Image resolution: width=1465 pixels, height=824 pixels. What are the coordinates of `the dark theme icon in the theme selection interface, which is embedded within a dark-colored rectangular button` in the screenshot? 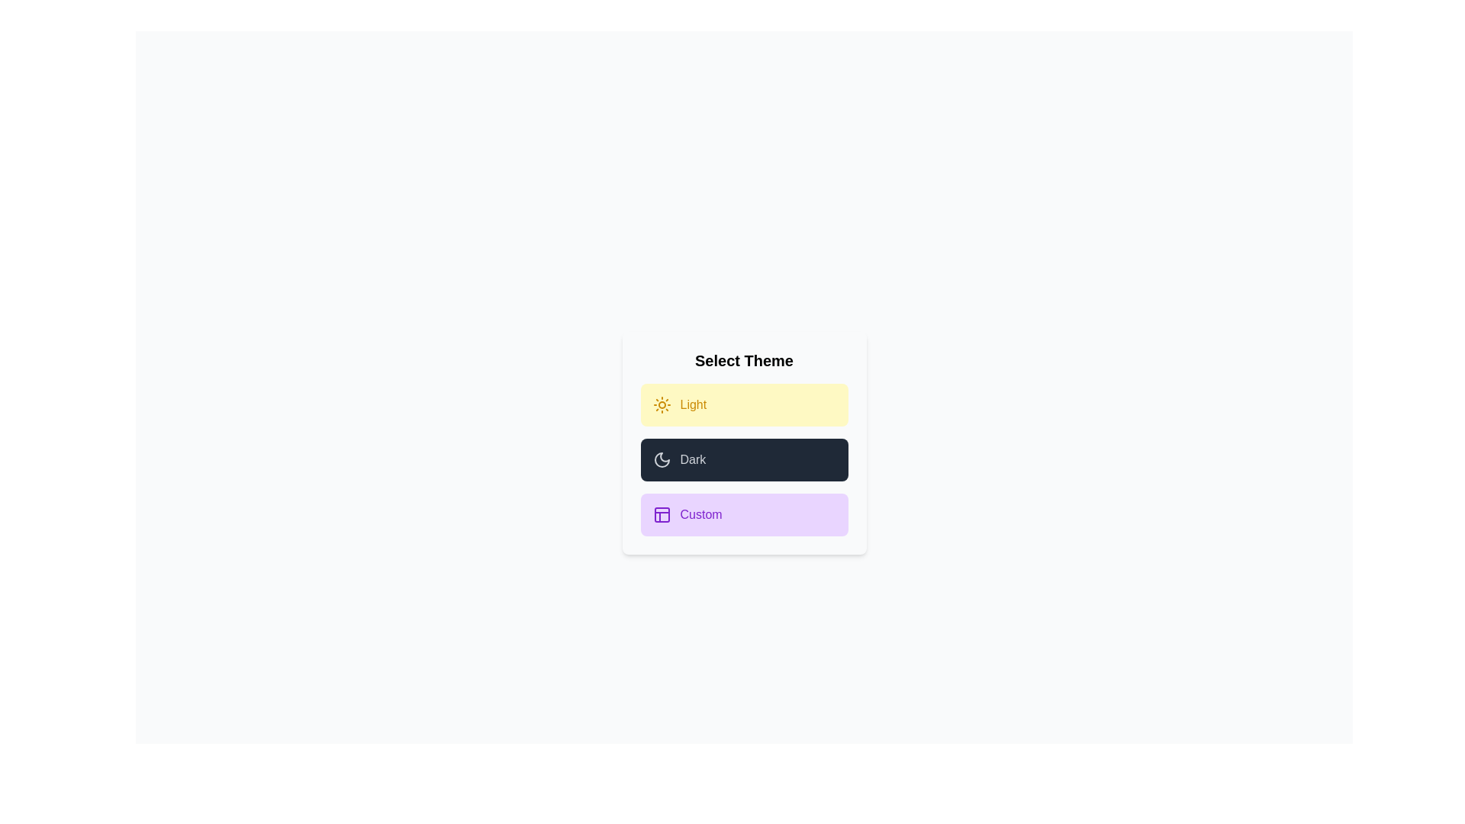 It's located at (662, 459).